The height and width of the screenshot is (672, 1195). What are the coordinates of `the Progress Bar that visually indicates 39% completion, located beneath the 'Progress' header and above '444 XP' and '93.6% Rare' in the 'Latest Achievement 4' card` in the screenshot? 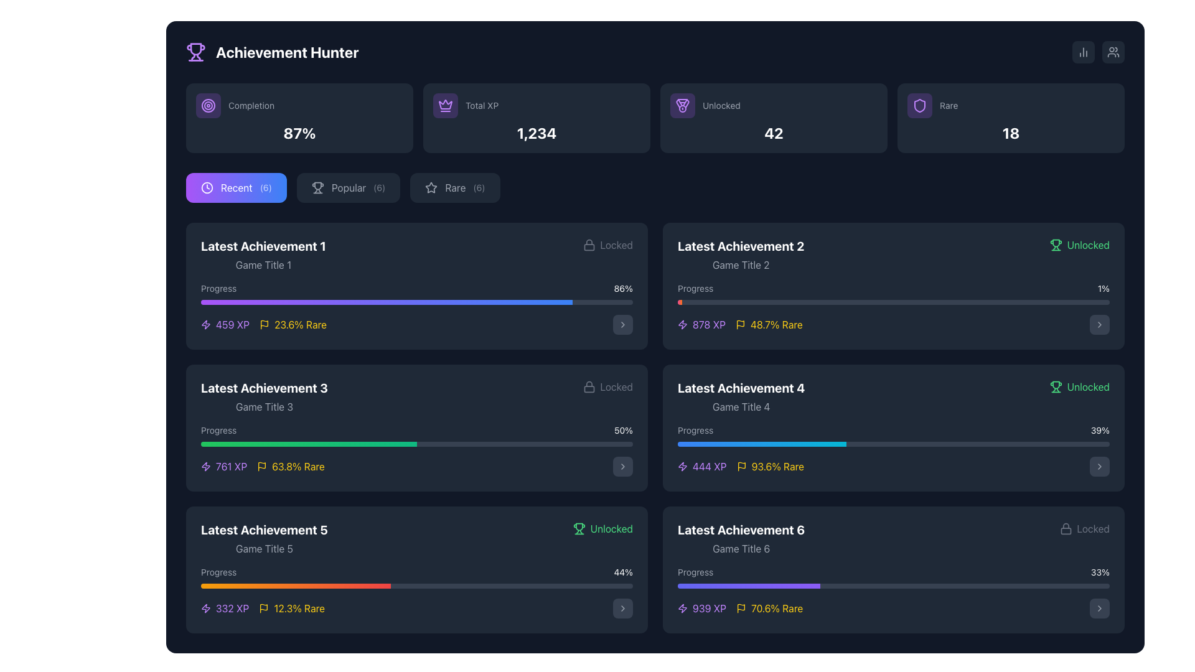 It's located at (893, 450).